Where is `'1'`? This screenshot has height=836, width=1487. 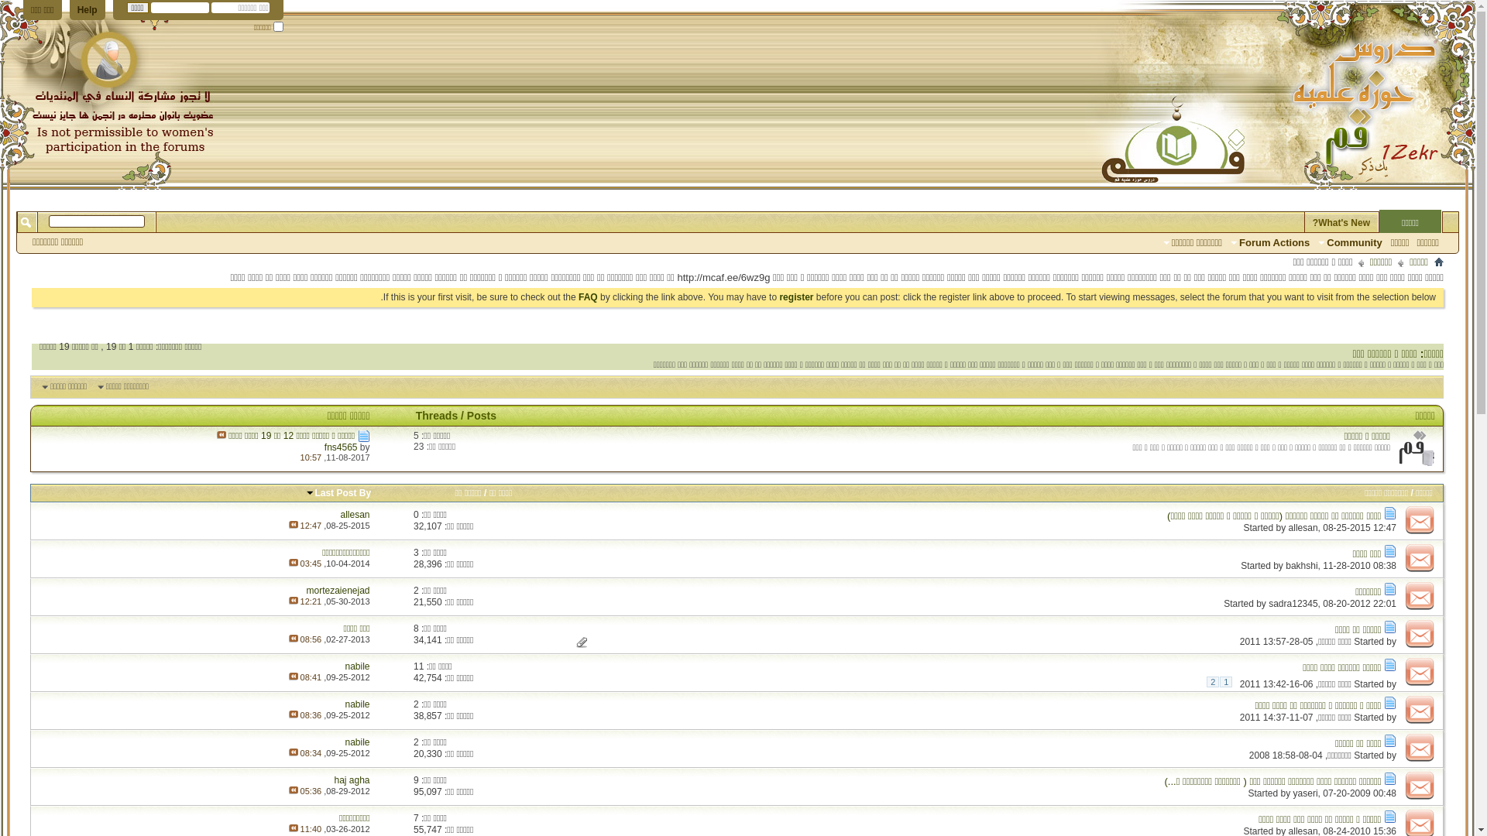
'1' is located at coordinates (1219, 680).